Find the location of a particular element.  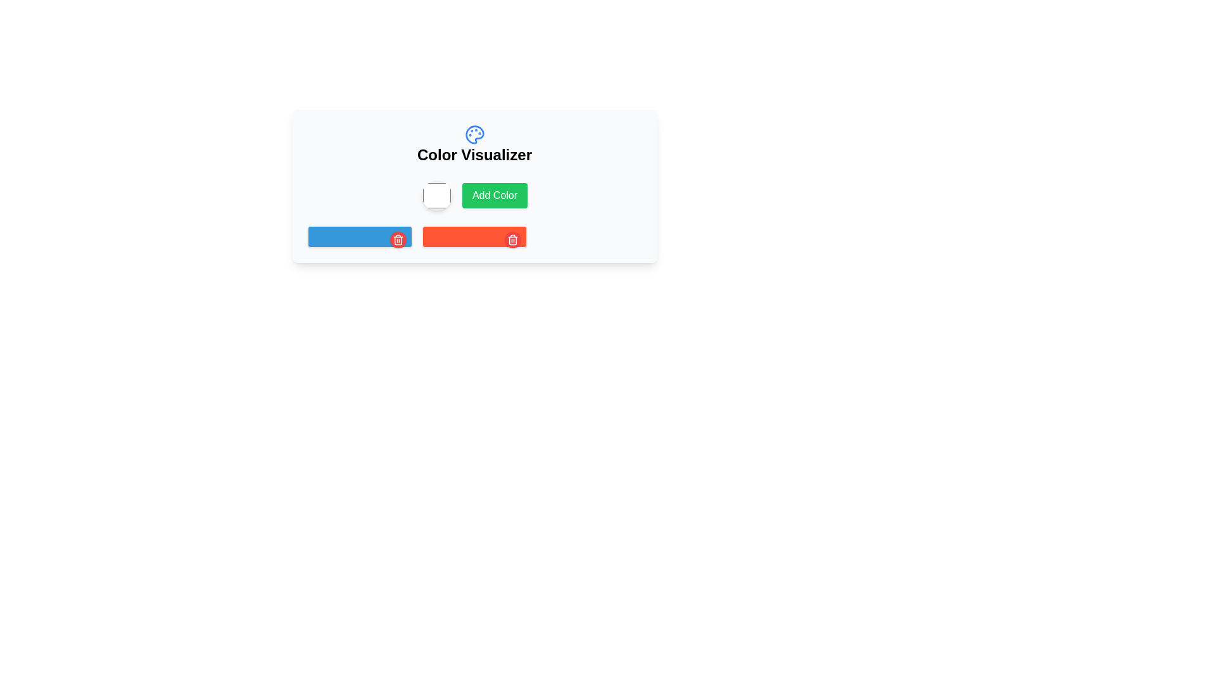

the Color Picker Button, which is a circular button with a white color fill is located at coordinates (436, 195).